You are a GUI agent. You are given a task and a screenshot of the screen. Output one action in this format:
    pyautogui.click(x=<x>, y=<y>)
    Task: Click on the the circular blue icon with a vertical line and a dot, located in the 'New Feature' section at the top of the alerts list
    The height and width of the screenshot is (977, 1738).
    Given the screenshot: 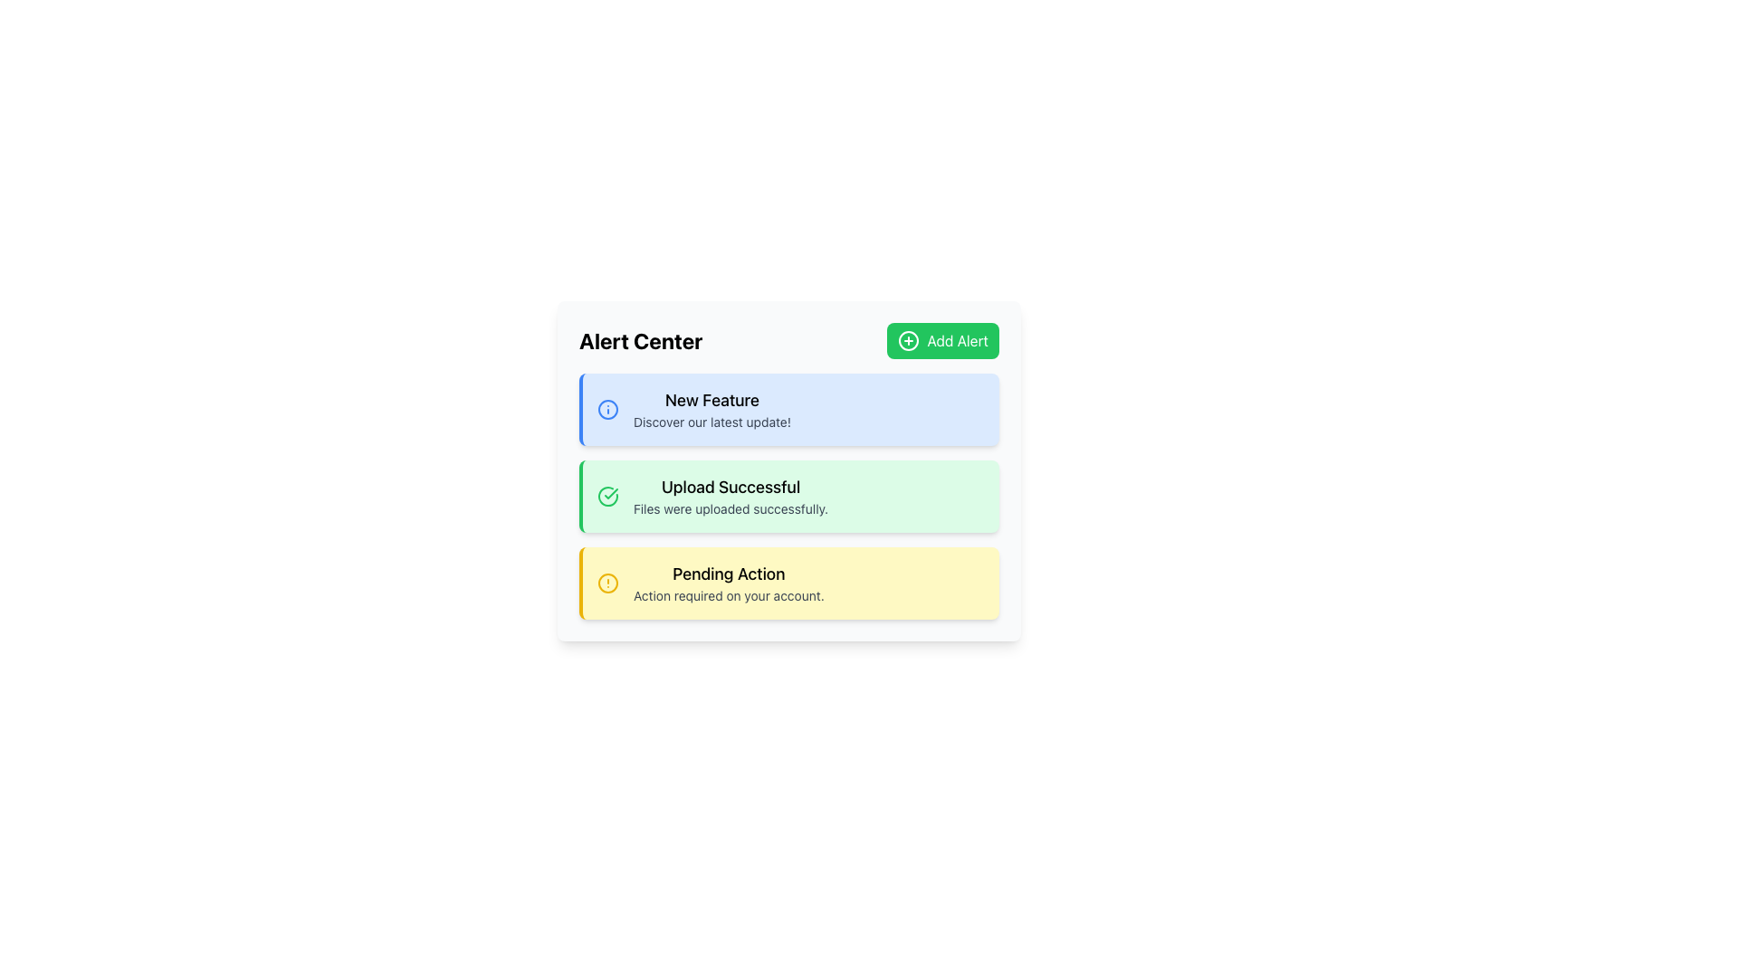 What is the action you would take?
    pyautogui.click(x=608, y=409)
    